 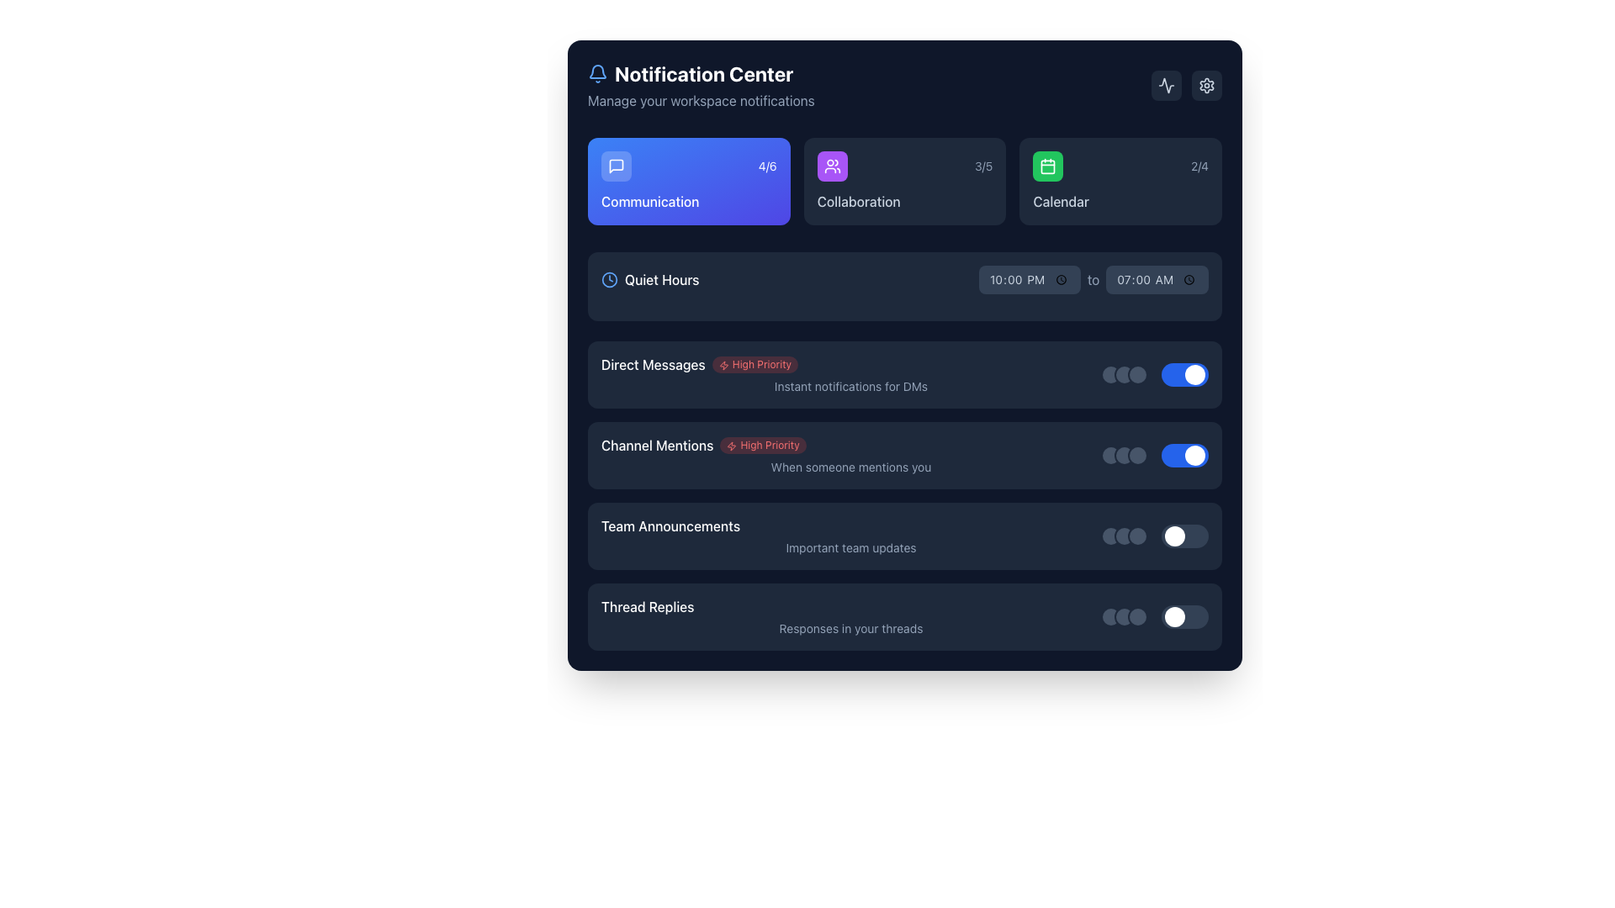 What do you see at coordinates (1093, 278) in the screenshot?
I see `the Text Label that indicates the time range in the 'Quiet Hours' setting, positioned between '10:00 PM' and '07:00 AM'` at bounding box center [1093, 278].